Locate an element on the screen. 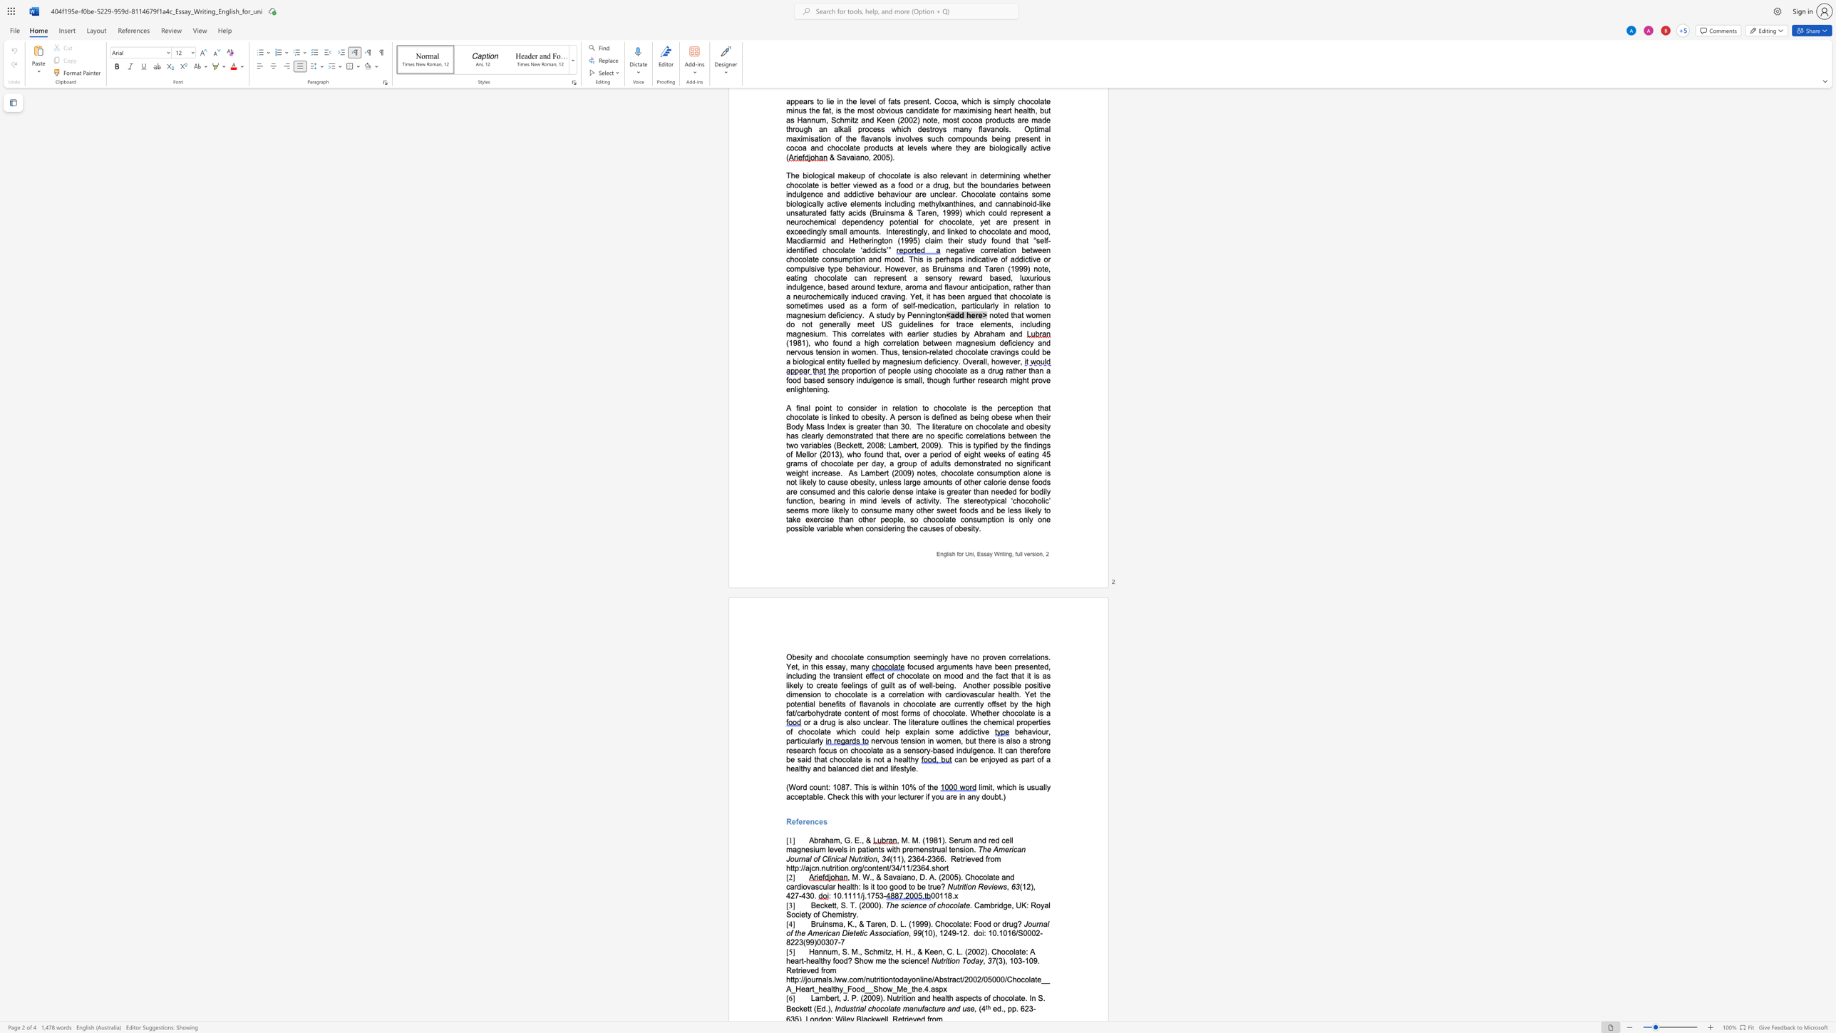 Image resolution: width=1836 pixels, height=1033 pixels. the space between the continuous character "/" and "3" in the text is located at coordinates (891, 868).